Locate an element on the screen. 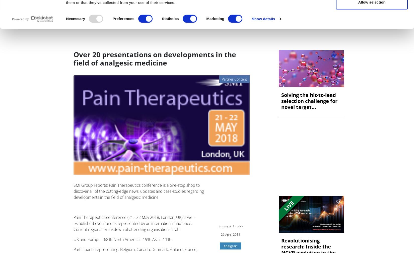  'Solving the hit-to-lead selection challenge for novel target...' is located at coordinates (309, 101).